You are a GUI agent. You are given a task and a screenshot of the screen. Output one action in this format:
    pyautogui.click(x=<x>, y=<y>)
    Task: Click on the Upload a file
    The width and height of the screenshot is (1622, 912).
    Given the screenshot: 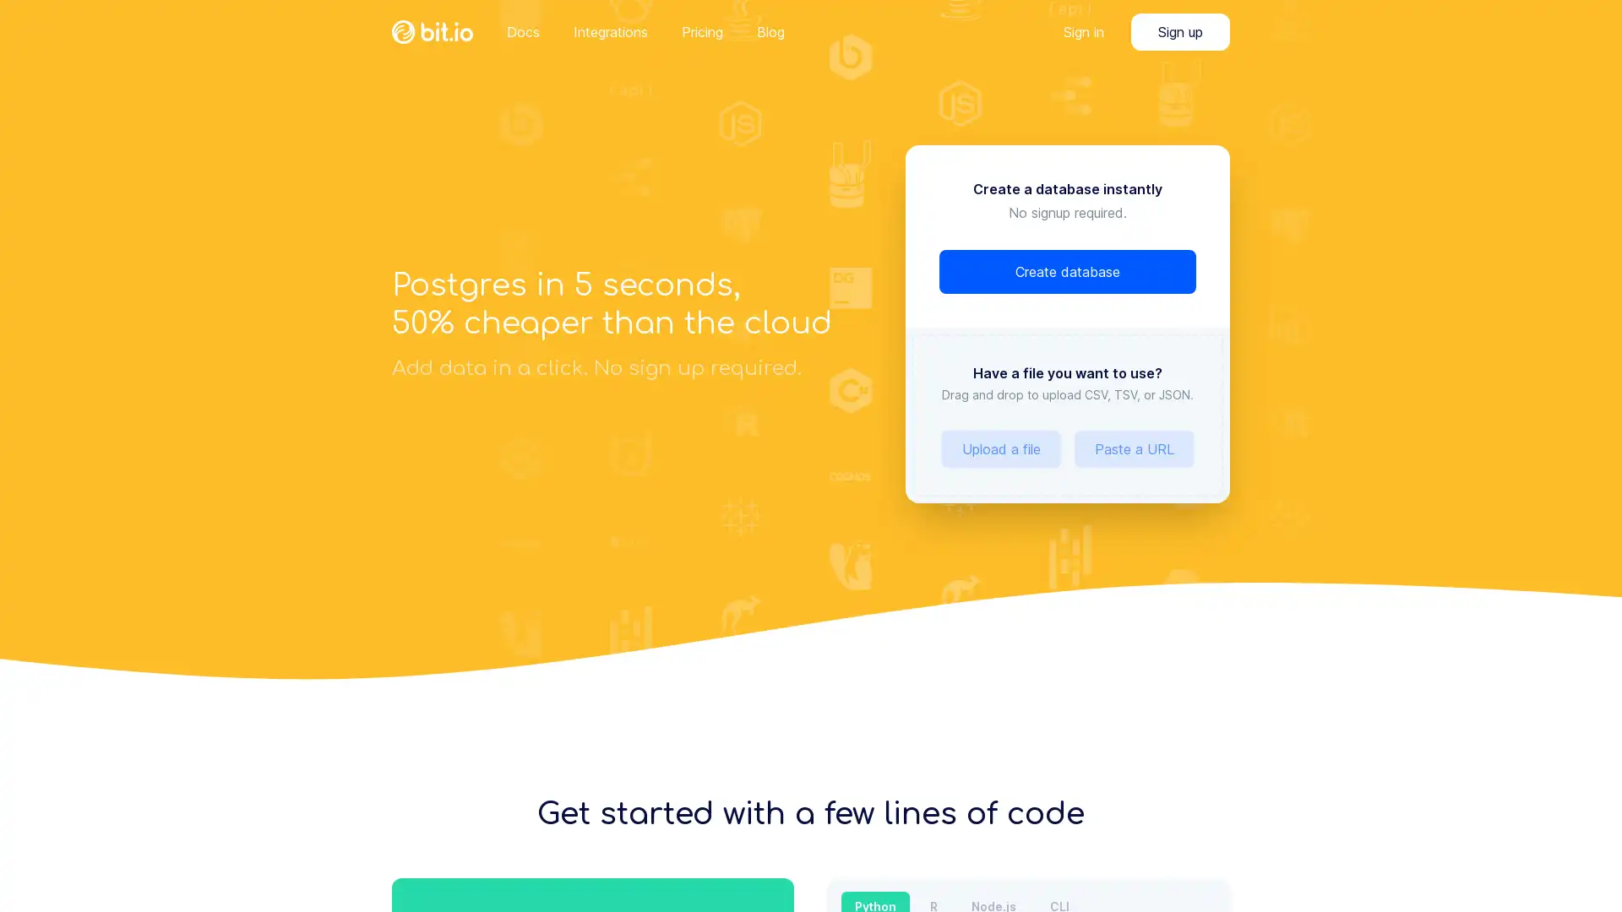 What is the action you would take?
    pyautogui.click(x=1001, y=448)
    